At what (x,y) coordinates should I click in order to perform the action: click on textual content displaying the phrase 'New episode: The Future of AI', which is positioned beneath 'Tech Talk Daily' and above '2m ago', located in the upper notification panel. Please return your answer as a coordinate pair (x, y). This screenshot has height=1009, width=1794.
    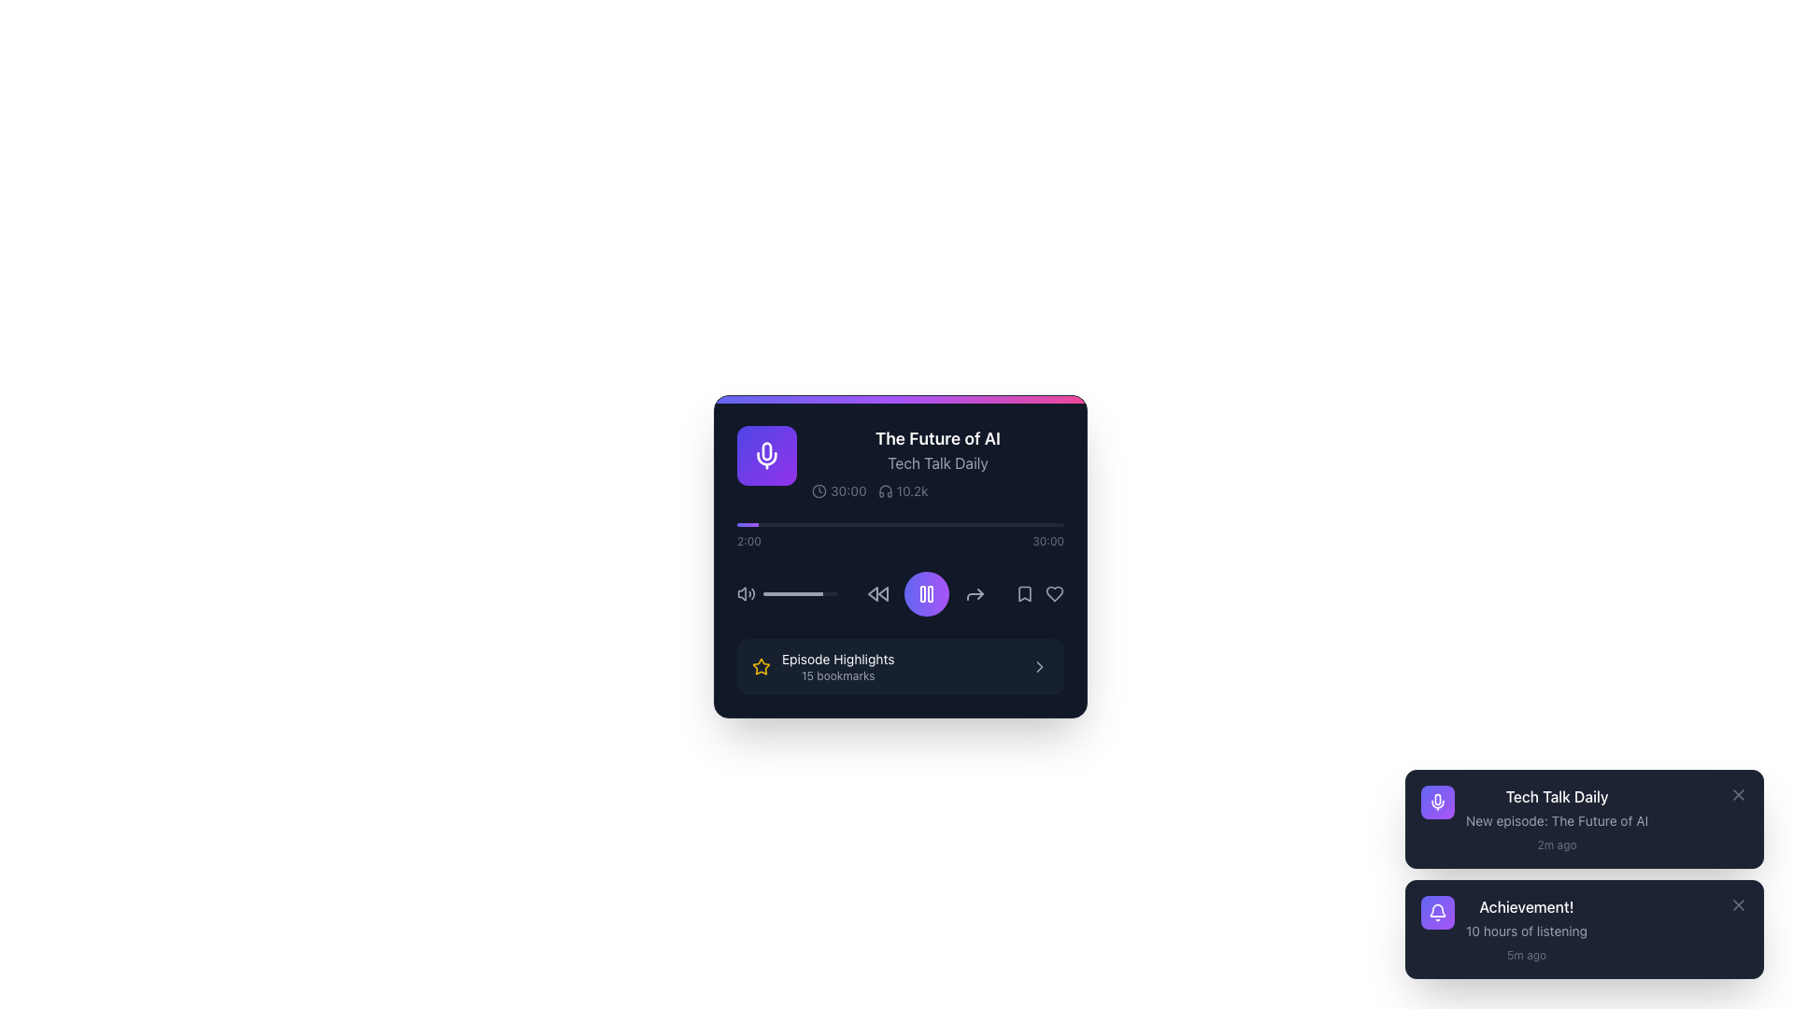
    Looking at the image, I should click on (1557, 820).